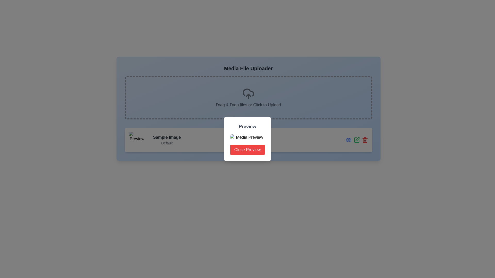  Describe the element at coordinates (247, 139) in the screenshot. I see `the center of the modal dialog box` at that location.